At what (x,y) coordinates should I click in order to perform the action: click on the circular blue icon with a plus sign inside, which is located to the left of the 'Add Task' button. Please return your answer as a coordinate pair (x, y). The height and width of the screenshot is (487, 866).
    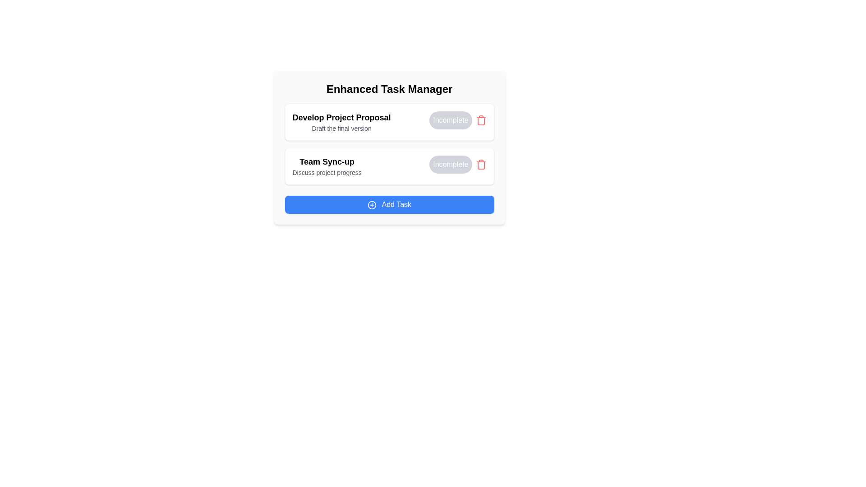
    Looking at the image, I should click on (372, 205).